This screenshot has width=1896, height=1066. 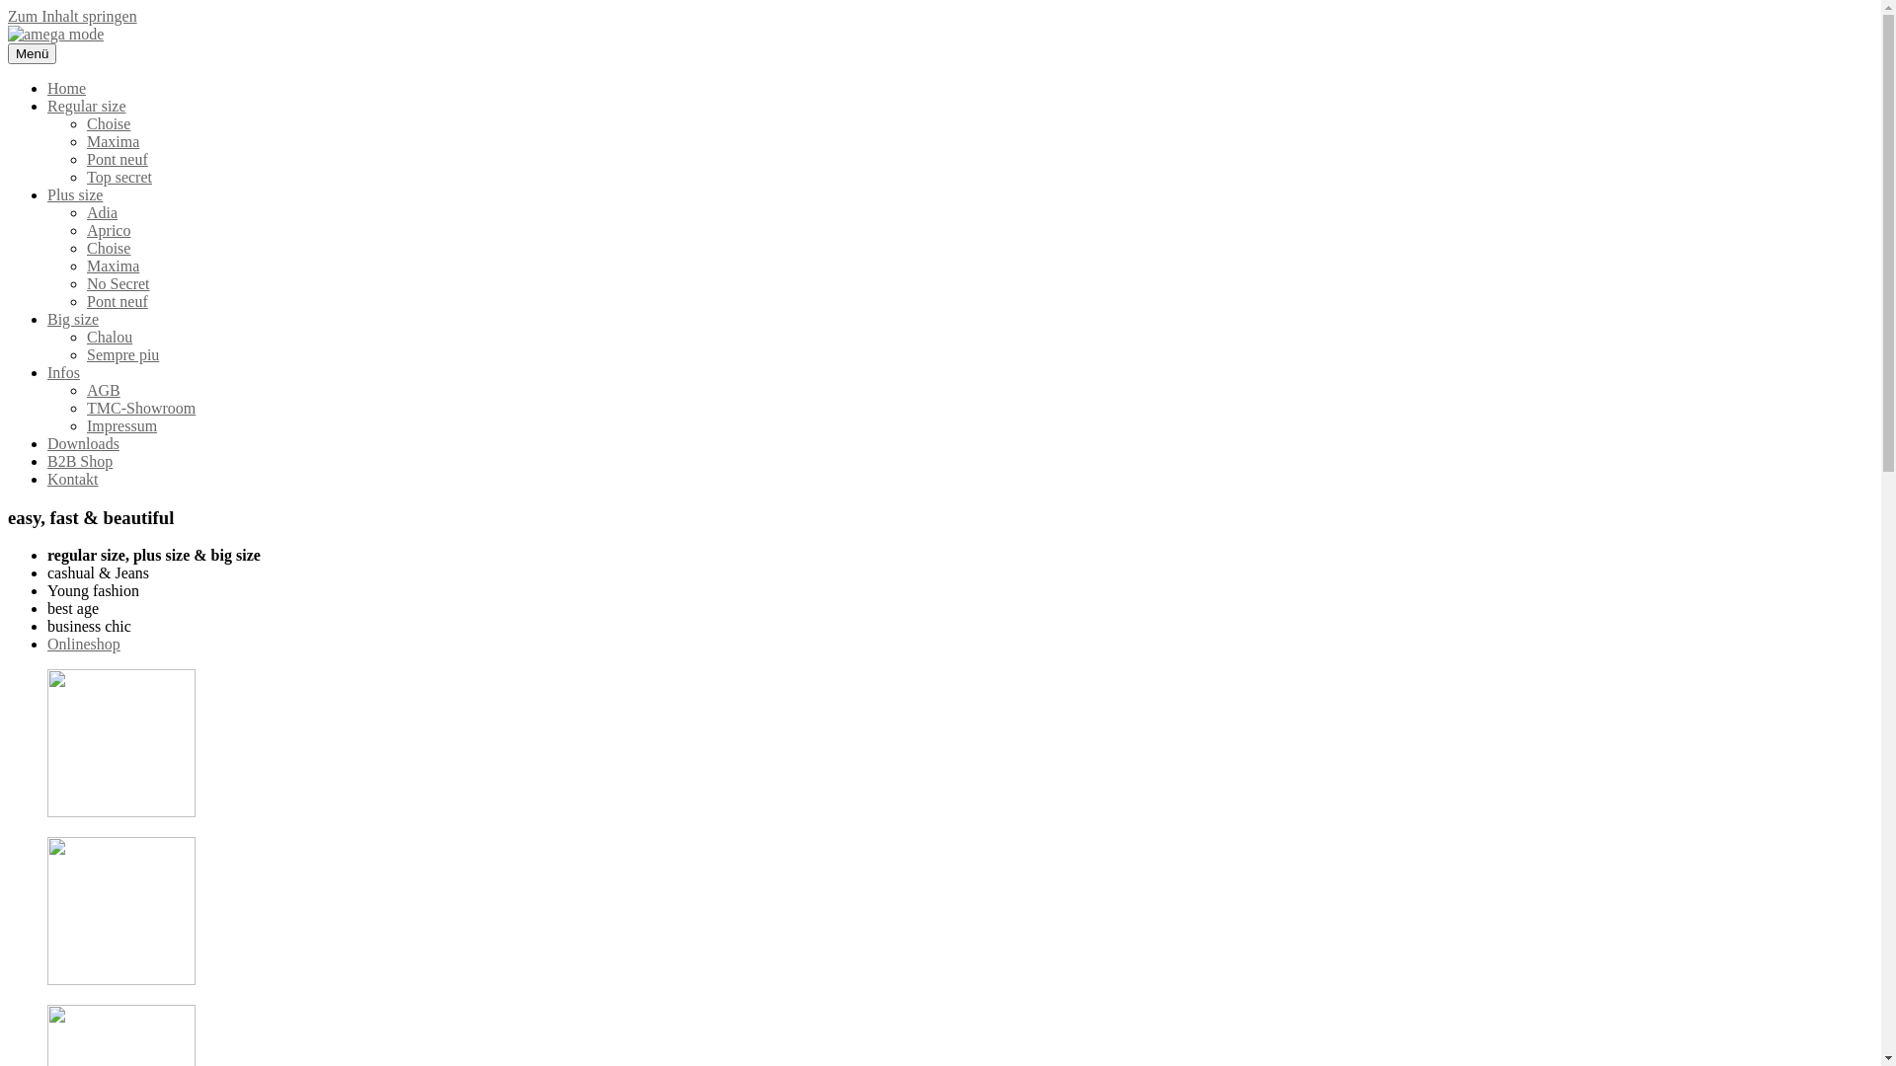 What do you see at coordinates (85, 140) in the screenshot?
I see `'Maxima'` at bounding box center [85, 140].